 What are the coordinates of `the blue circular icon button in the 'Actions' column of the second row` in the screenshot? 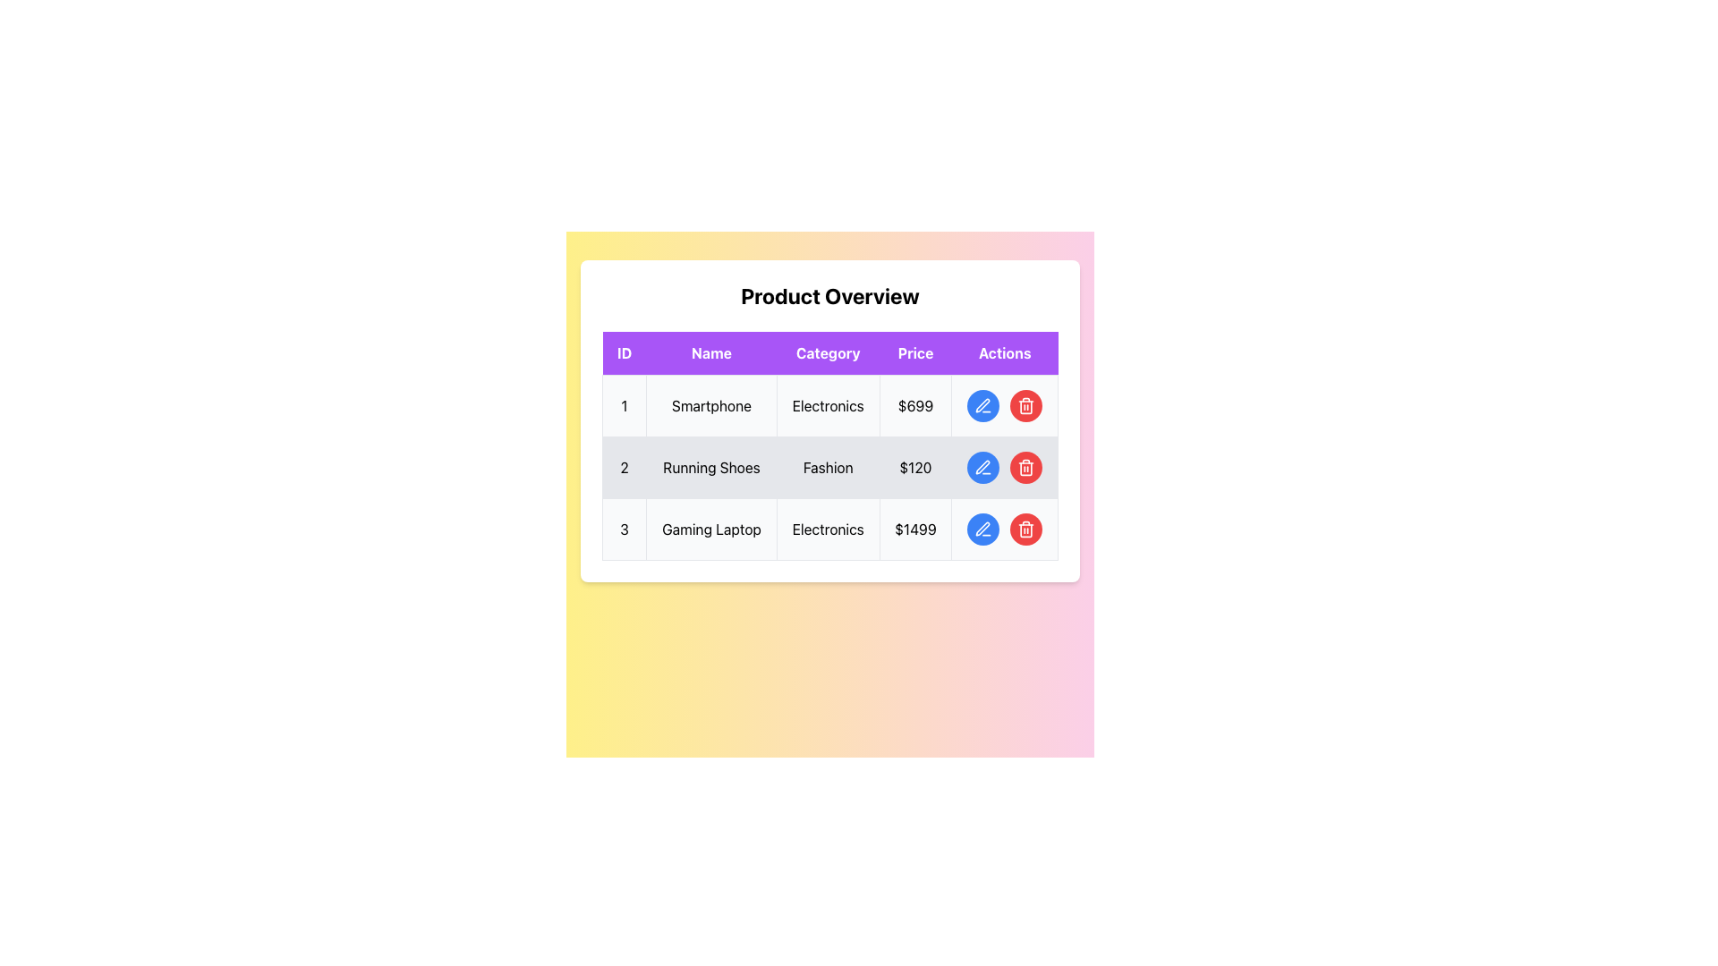 It's located at (982, 406).